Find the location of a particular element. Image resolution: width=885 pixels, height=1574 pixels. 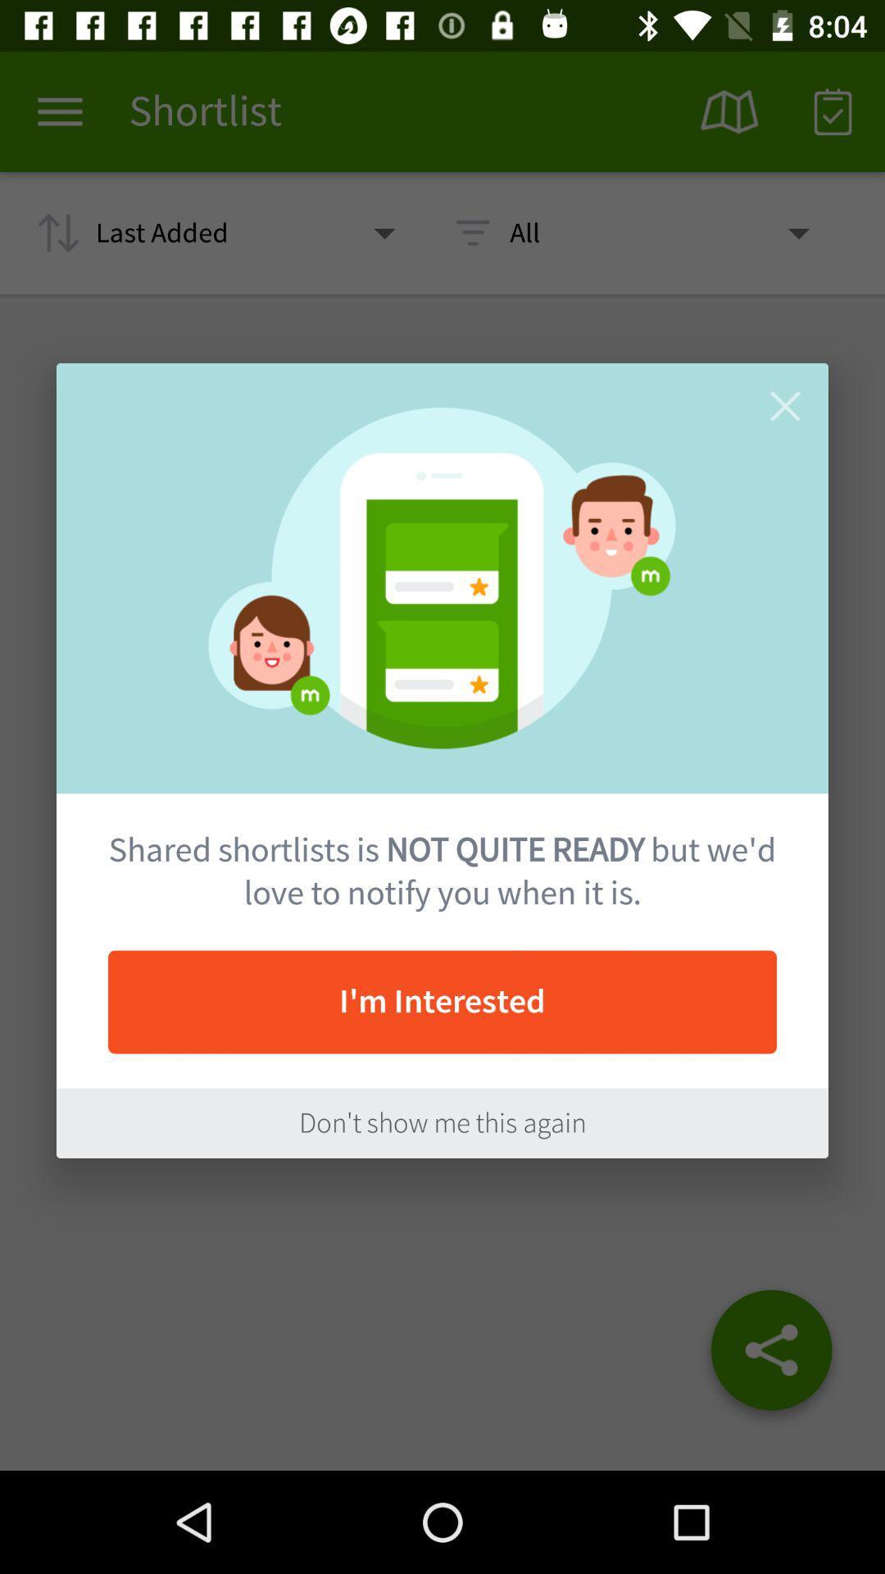

the close bar is located at coordinates (784, 406).